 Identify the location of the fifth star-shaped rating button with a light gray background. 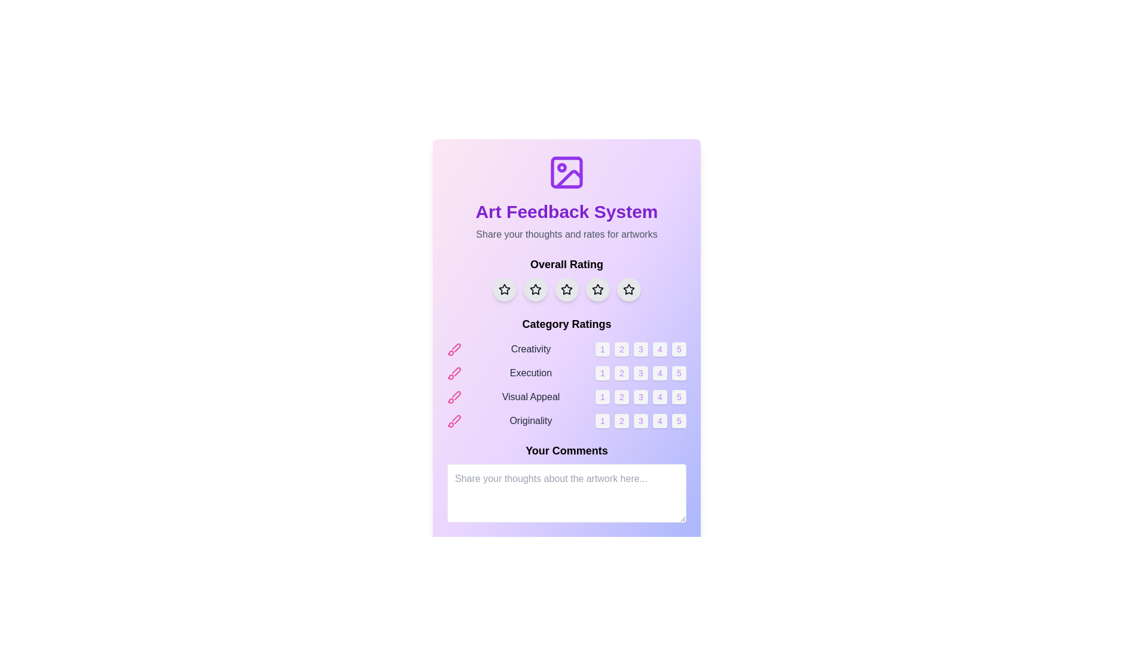
(628, 290).